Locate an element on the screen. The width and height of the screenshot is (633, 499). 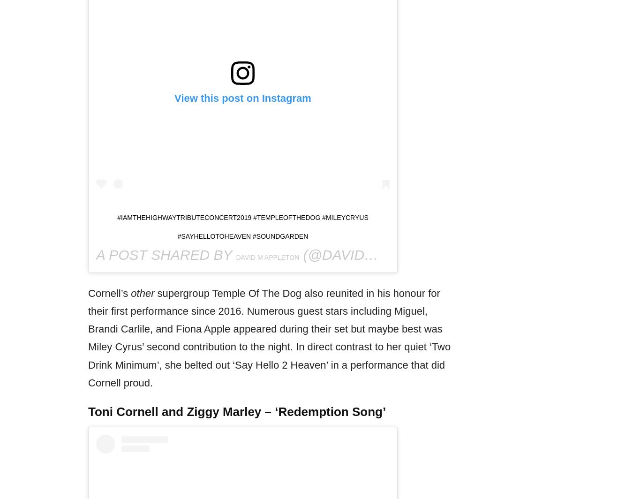
'#iamthehighwaytributeconcert2019 #templeofthedog #mileycryus #sayhellotoheaven #soundgarden' is located at coordinates (242, 226).